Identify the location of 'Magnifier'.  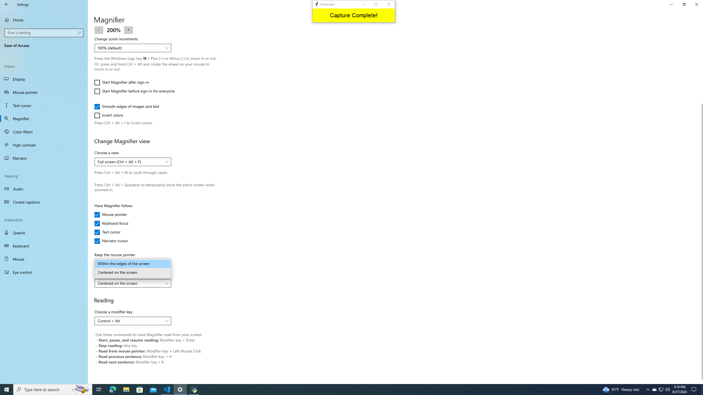
(44, 119).